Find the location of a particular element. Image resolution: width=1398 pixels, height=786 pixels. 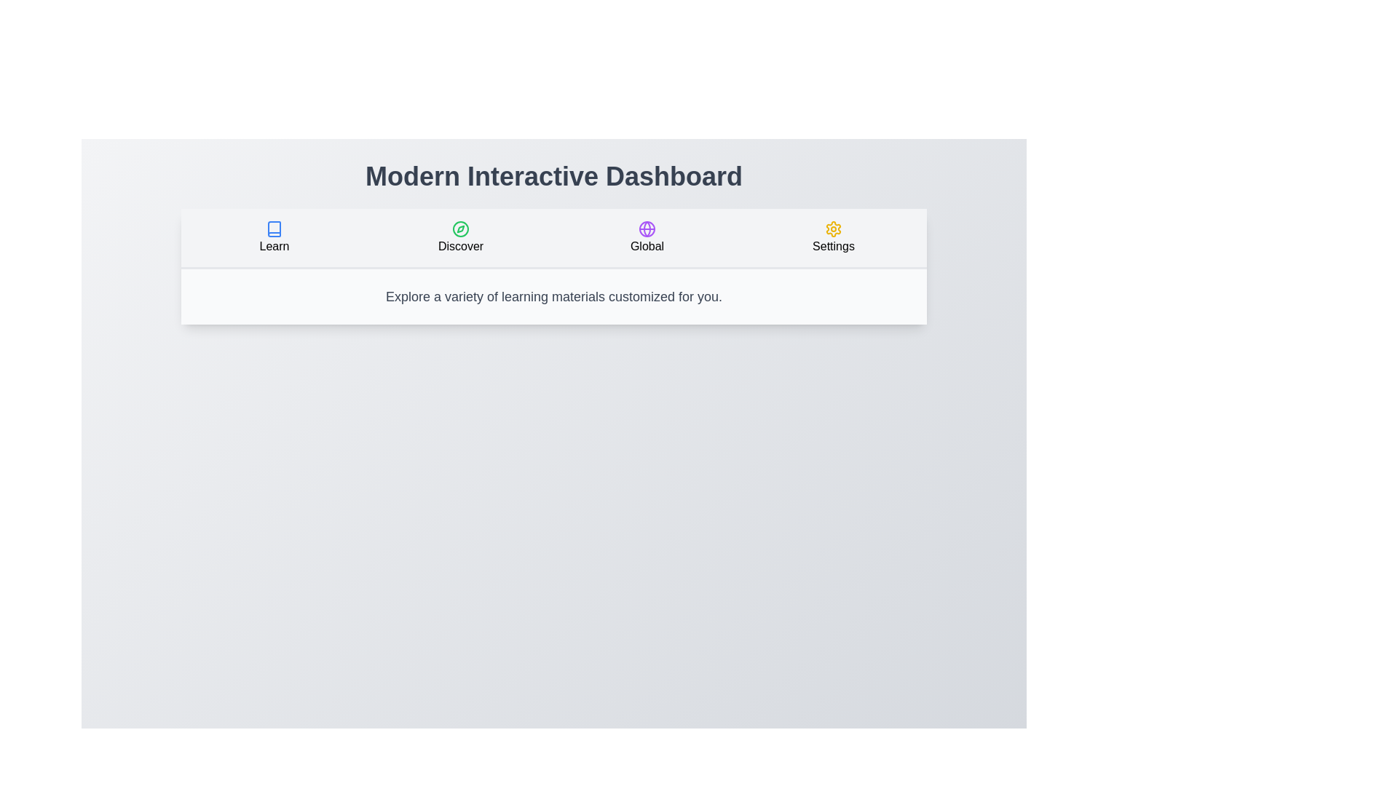

the third button in the navigation menu, which allows users to switch to the 'Global' section is located at coordinates (646, 237).